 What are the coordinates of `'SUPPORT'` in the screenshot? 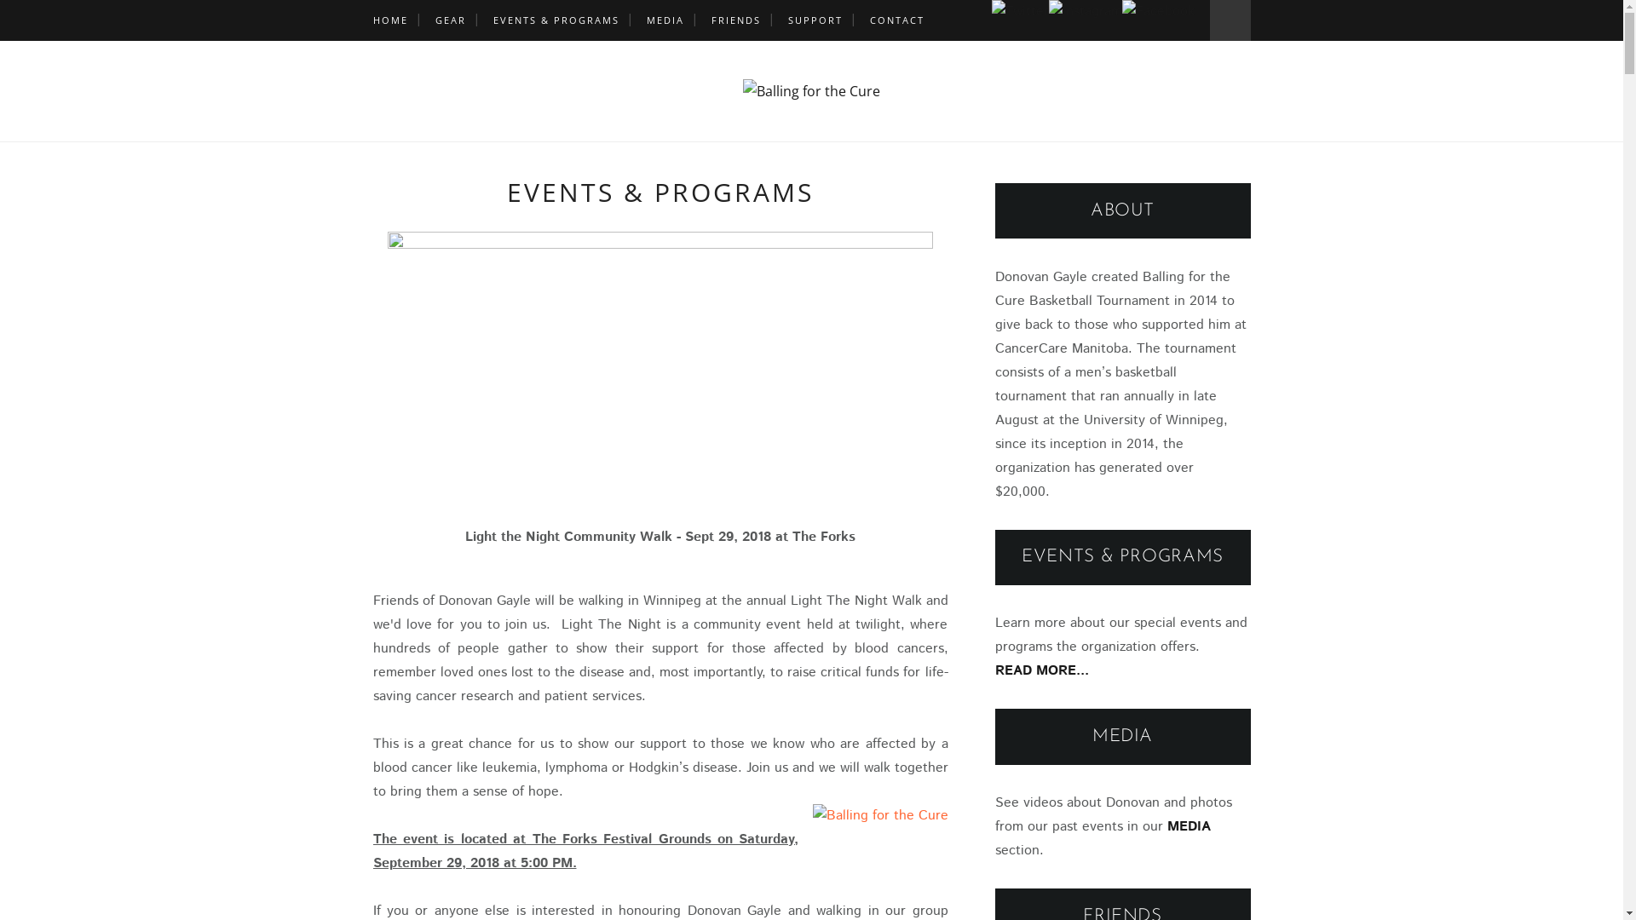 It's located at (813, 20).